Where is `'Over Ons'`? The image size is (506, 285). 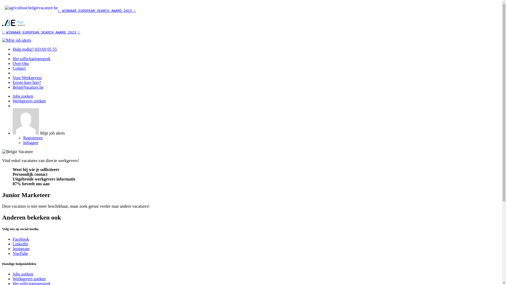
'Over Ons' is located at coordinates (13, 63).